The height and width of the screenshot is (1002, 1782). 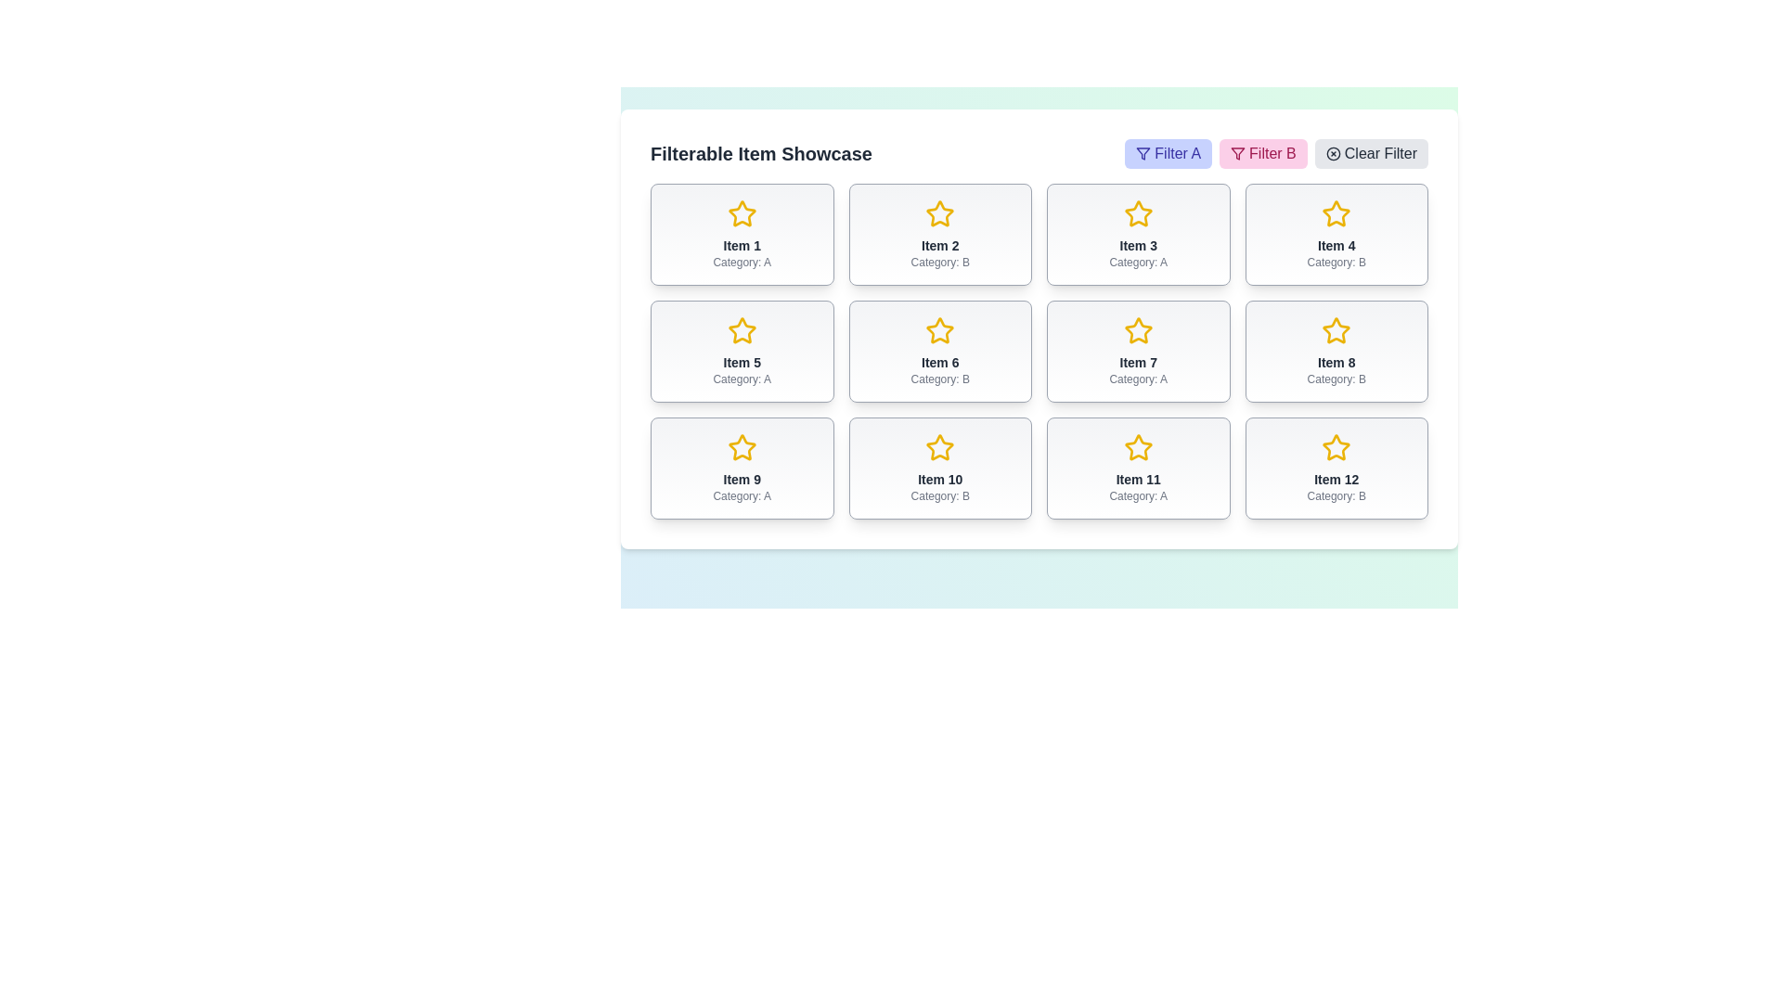 What do you see at coordinates (1137, 213) in the screenshot?
I see `the star icon with a yellow outline located at the top of the card labeled 'Item 3' to rate or select the associated item` at bounding box center [1137, 213].